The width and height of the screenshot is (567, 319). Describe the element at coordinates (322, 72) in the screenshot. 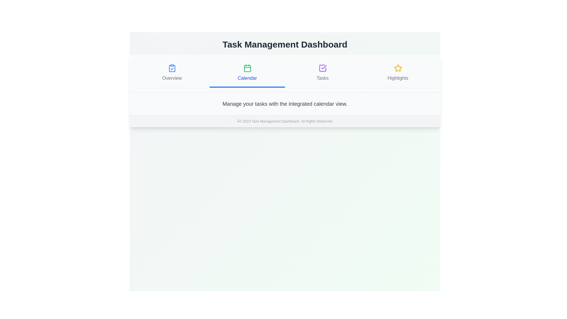

I see `the 'Tasks' navigation button, which features a purple checkbox icon with a checkmark and is centrally aligned with the label below it` at that location.